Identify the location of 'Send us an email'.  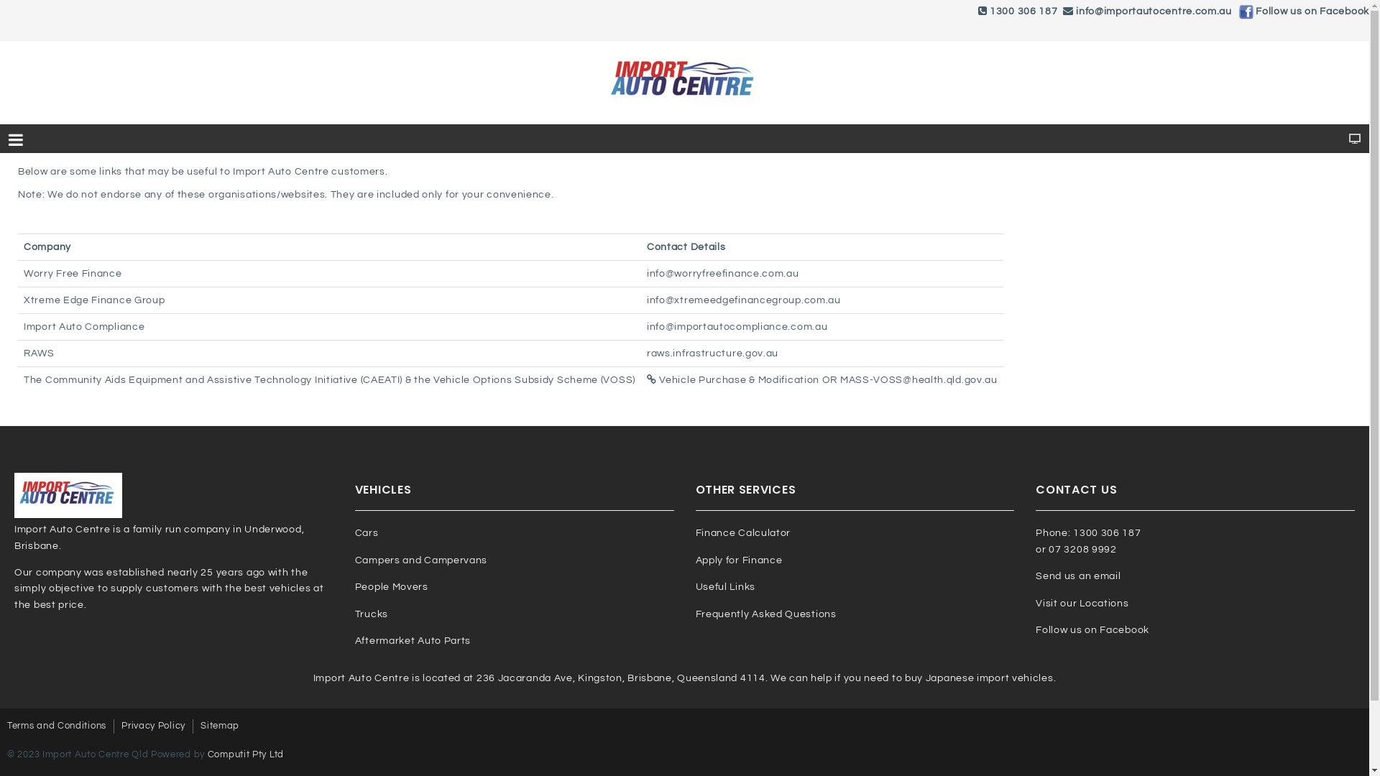
(1077, 576).